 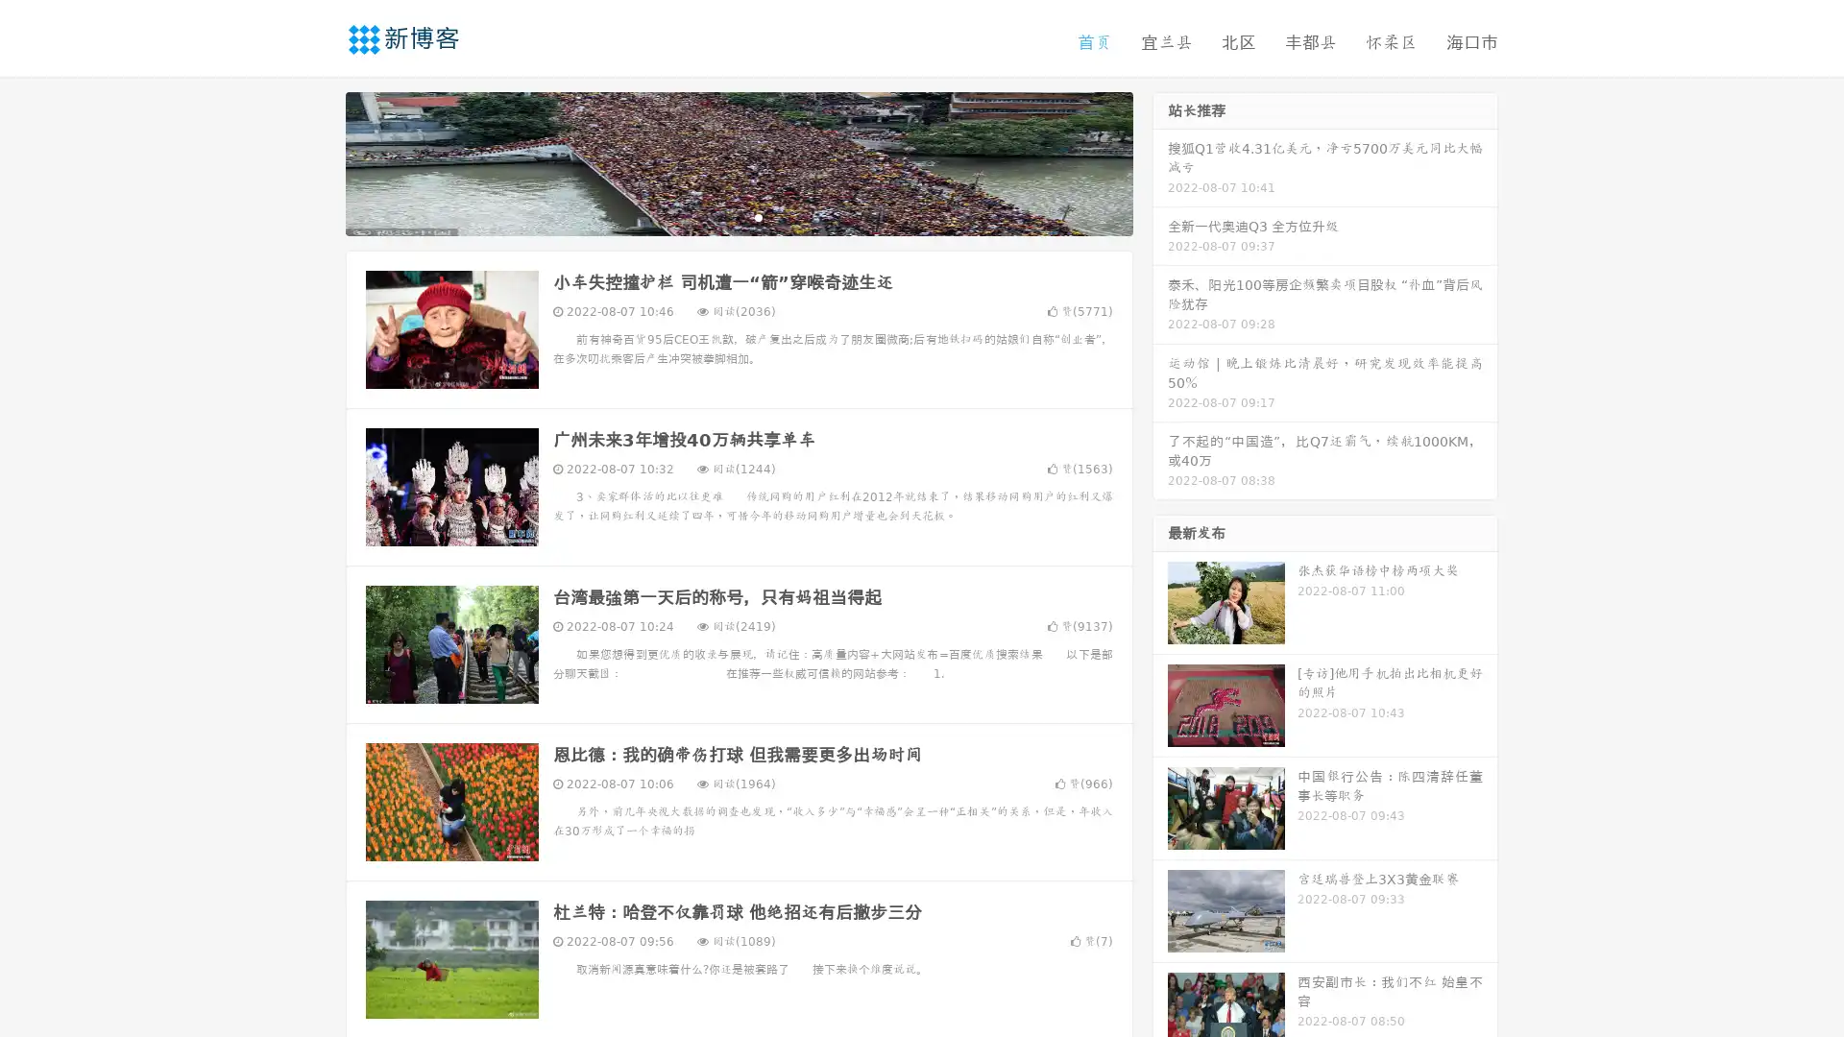 I want to click on Previous slide, so click(x=317, y=161).